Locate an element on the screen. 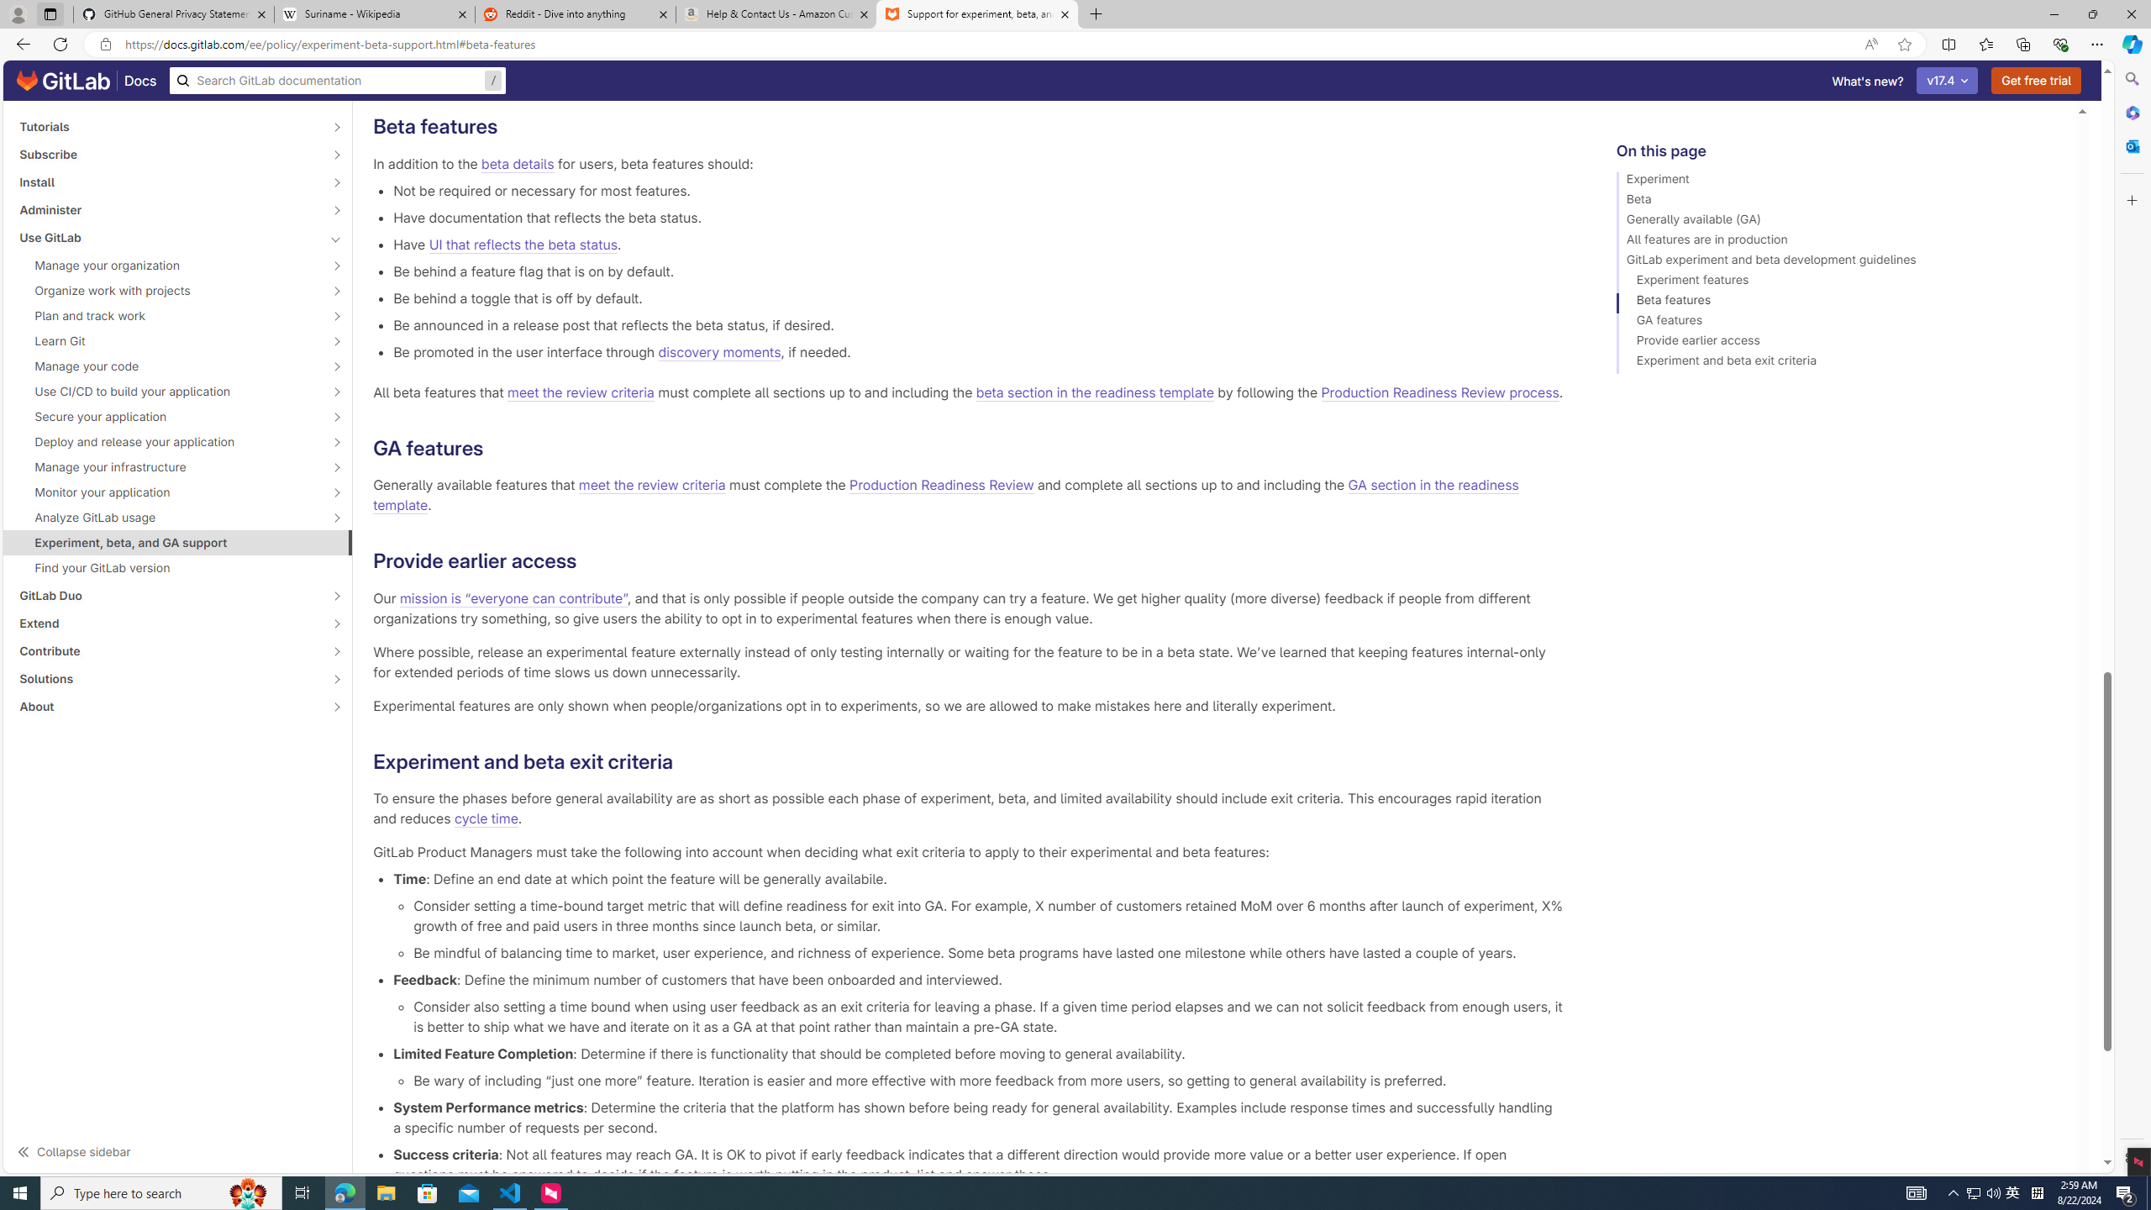 The height and width of the screenshot is (1210, 2151). 'beta section in the readiness template' is located at coordinates (1095, 392).